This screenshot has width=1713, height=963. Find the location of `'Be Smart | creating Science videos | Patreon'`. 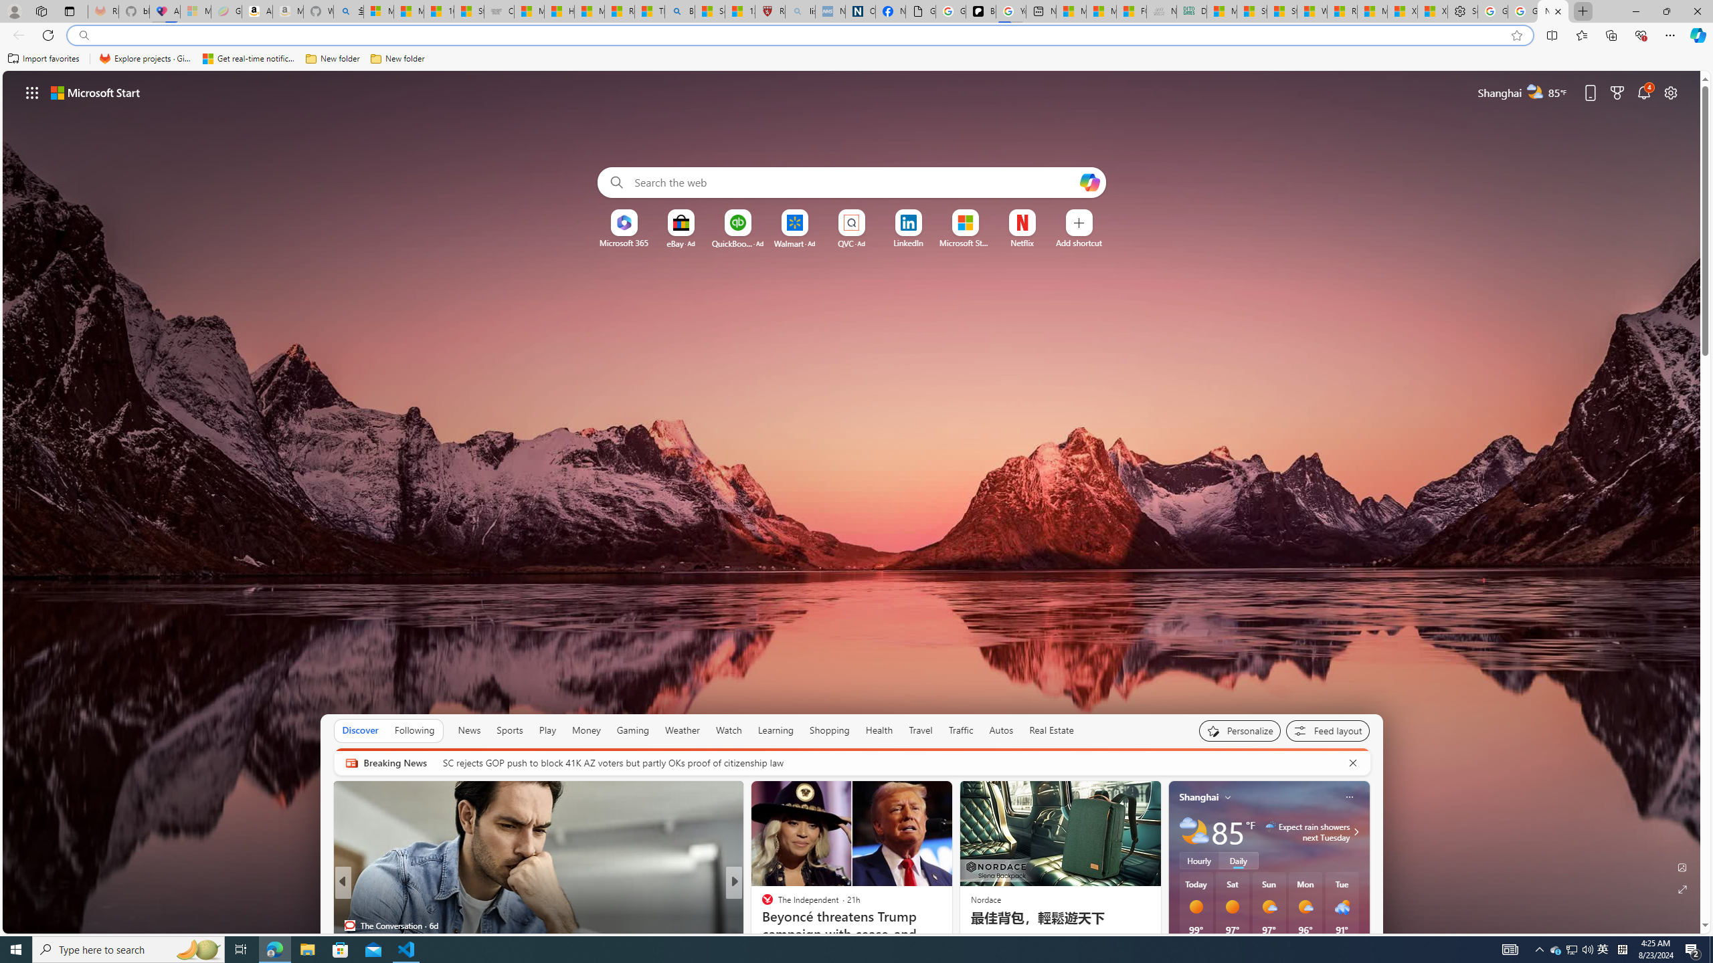

'Be Smart | creating Science videos | Patreon' is located at coordinates (981, 11).